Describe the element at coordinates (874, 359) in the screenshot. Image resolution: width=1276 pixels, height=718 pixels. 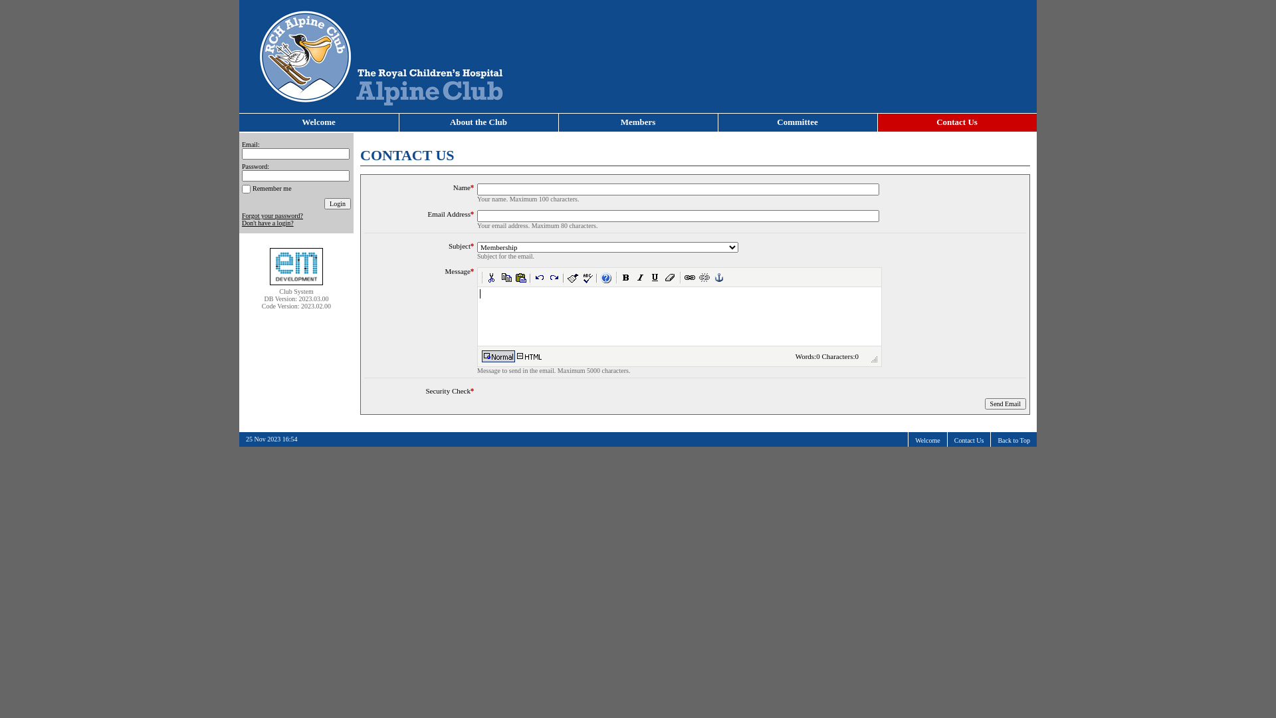
I see `'Resize'` at that location.